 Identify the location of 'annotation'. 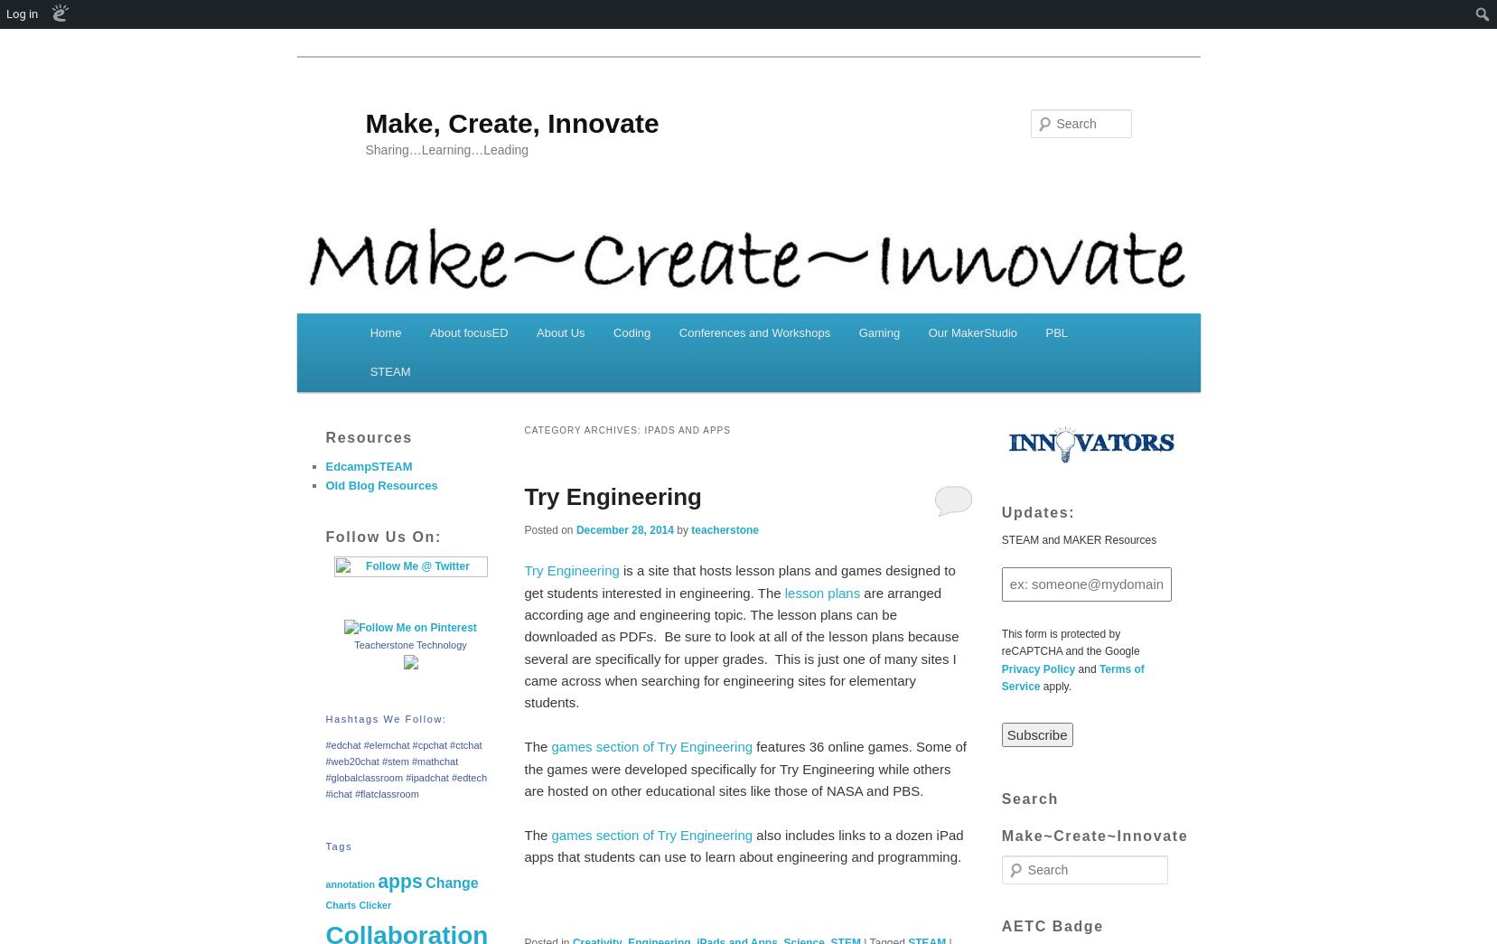
(349, 883).